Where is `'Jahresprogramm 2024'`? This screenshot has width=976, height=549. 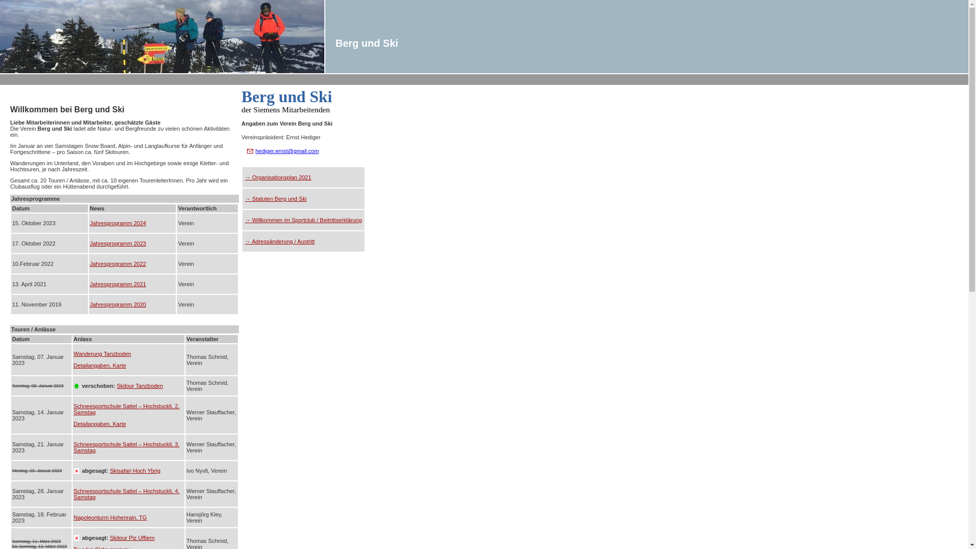
'Jahresprogramm 2024' is located at coordinates (118, 223).